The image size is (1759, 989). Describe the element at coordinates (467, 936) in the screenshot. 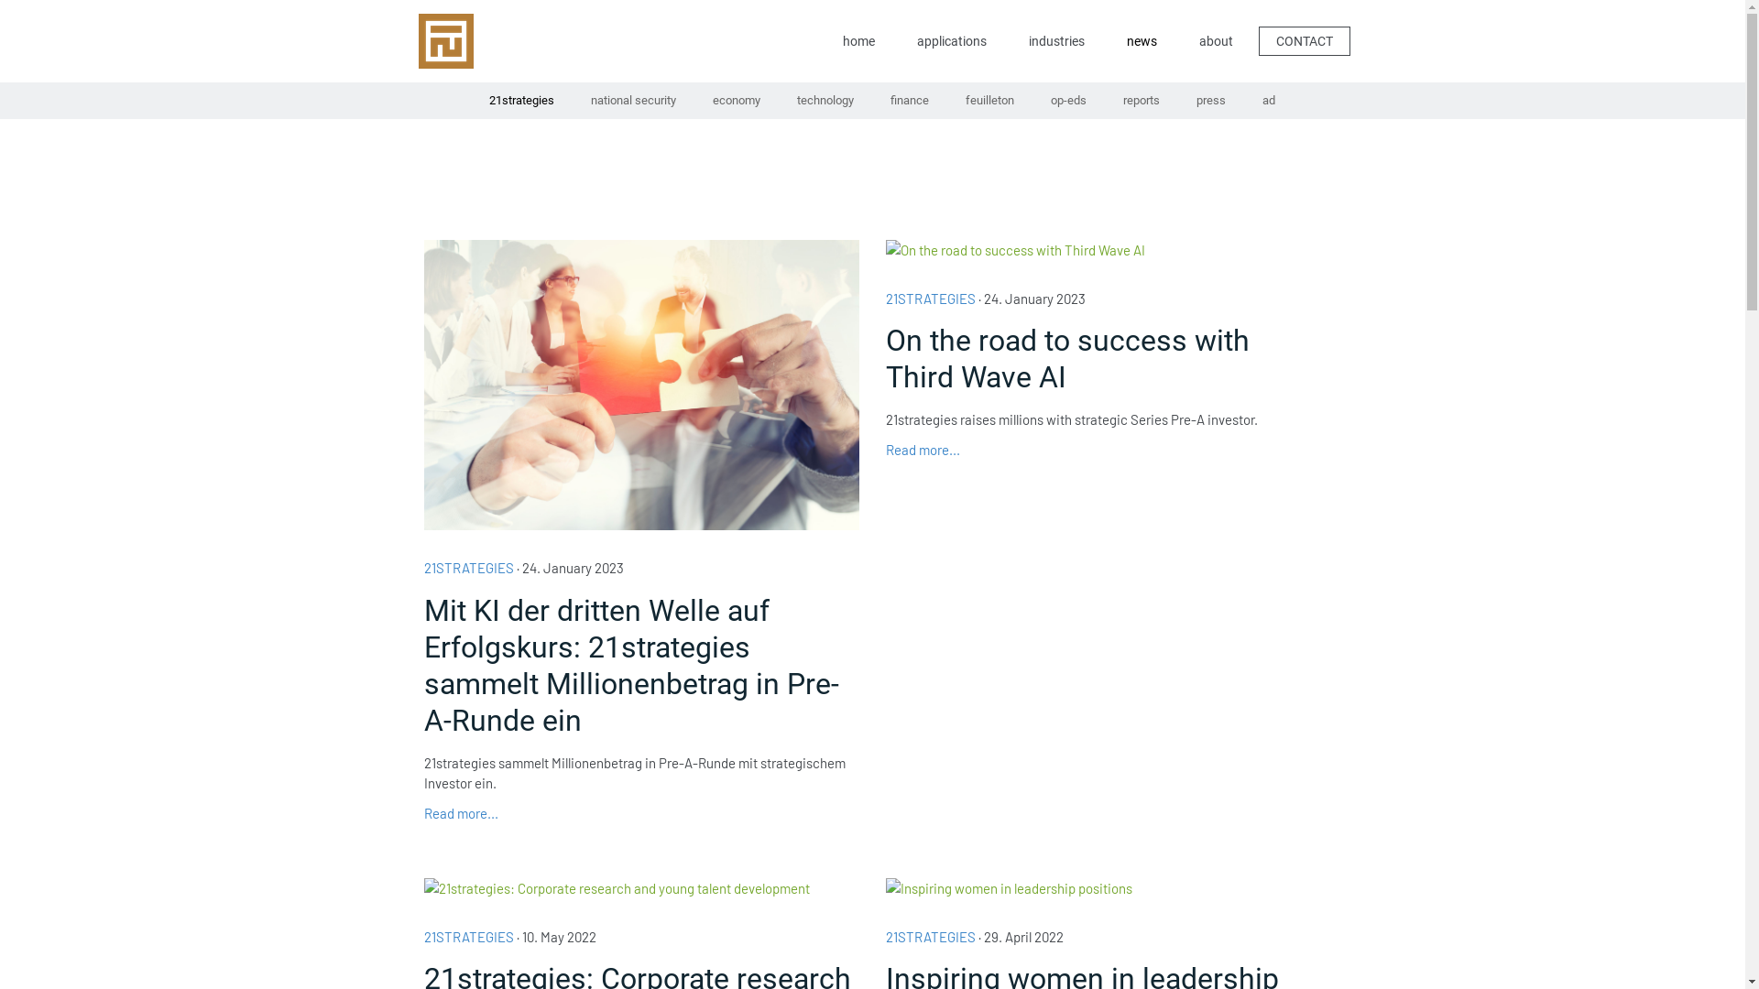

I see `'21STRATEGIES'` at that location.